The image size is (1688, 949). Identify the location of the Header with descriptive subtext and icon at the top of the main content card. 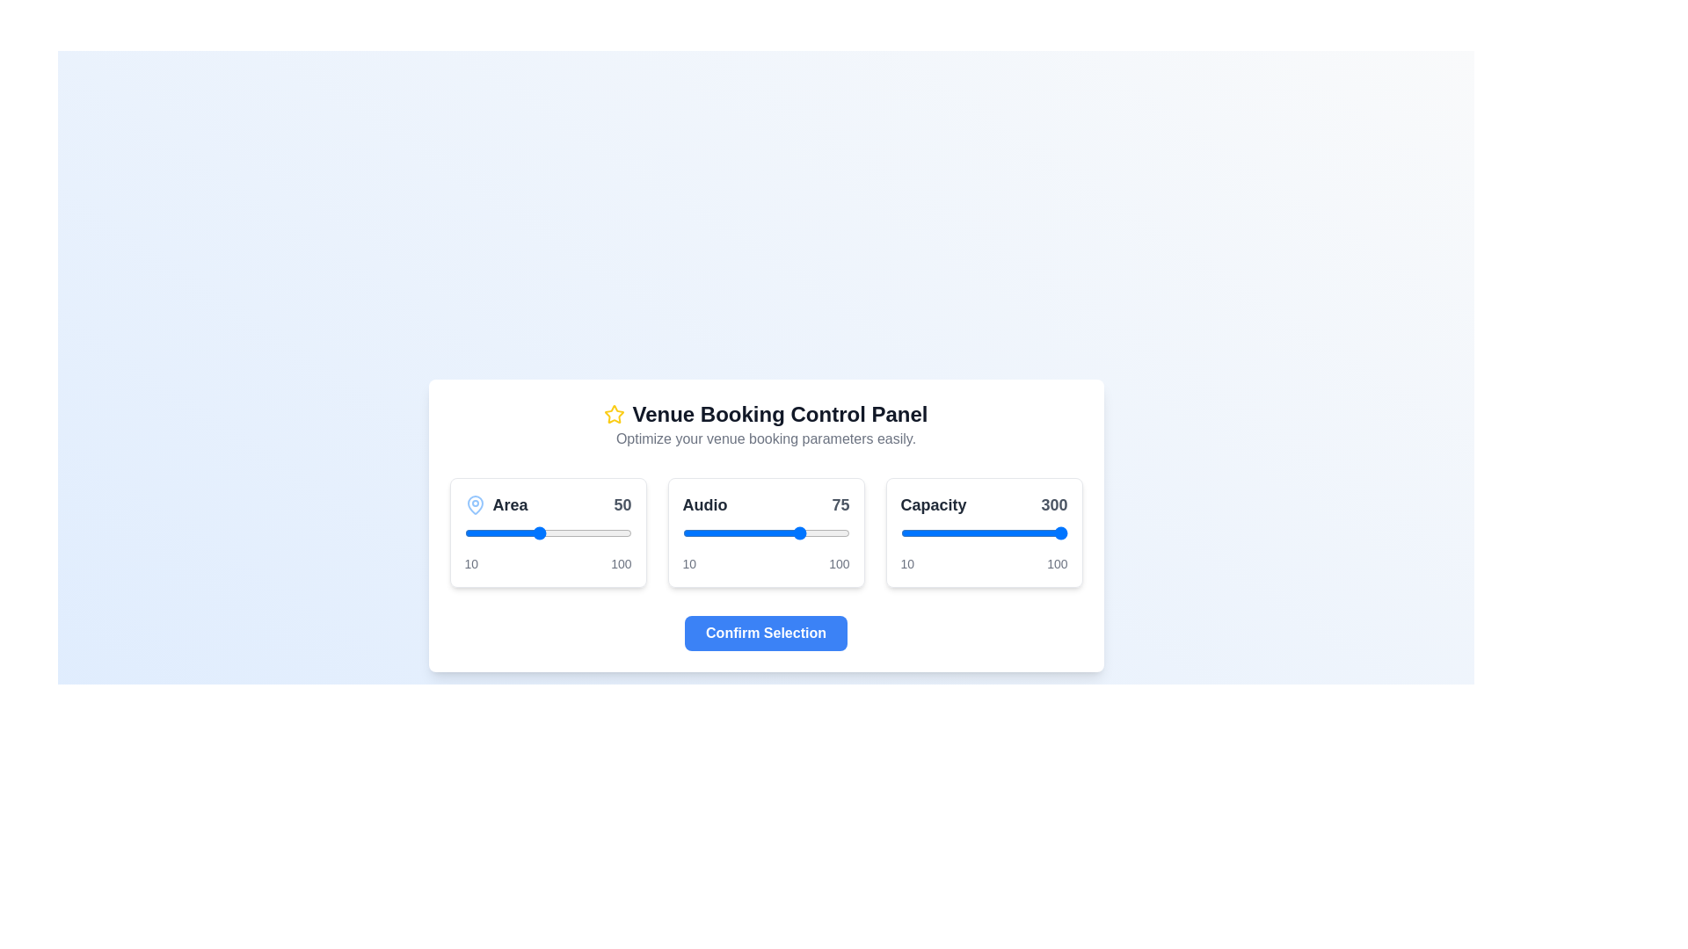
(766, 424).